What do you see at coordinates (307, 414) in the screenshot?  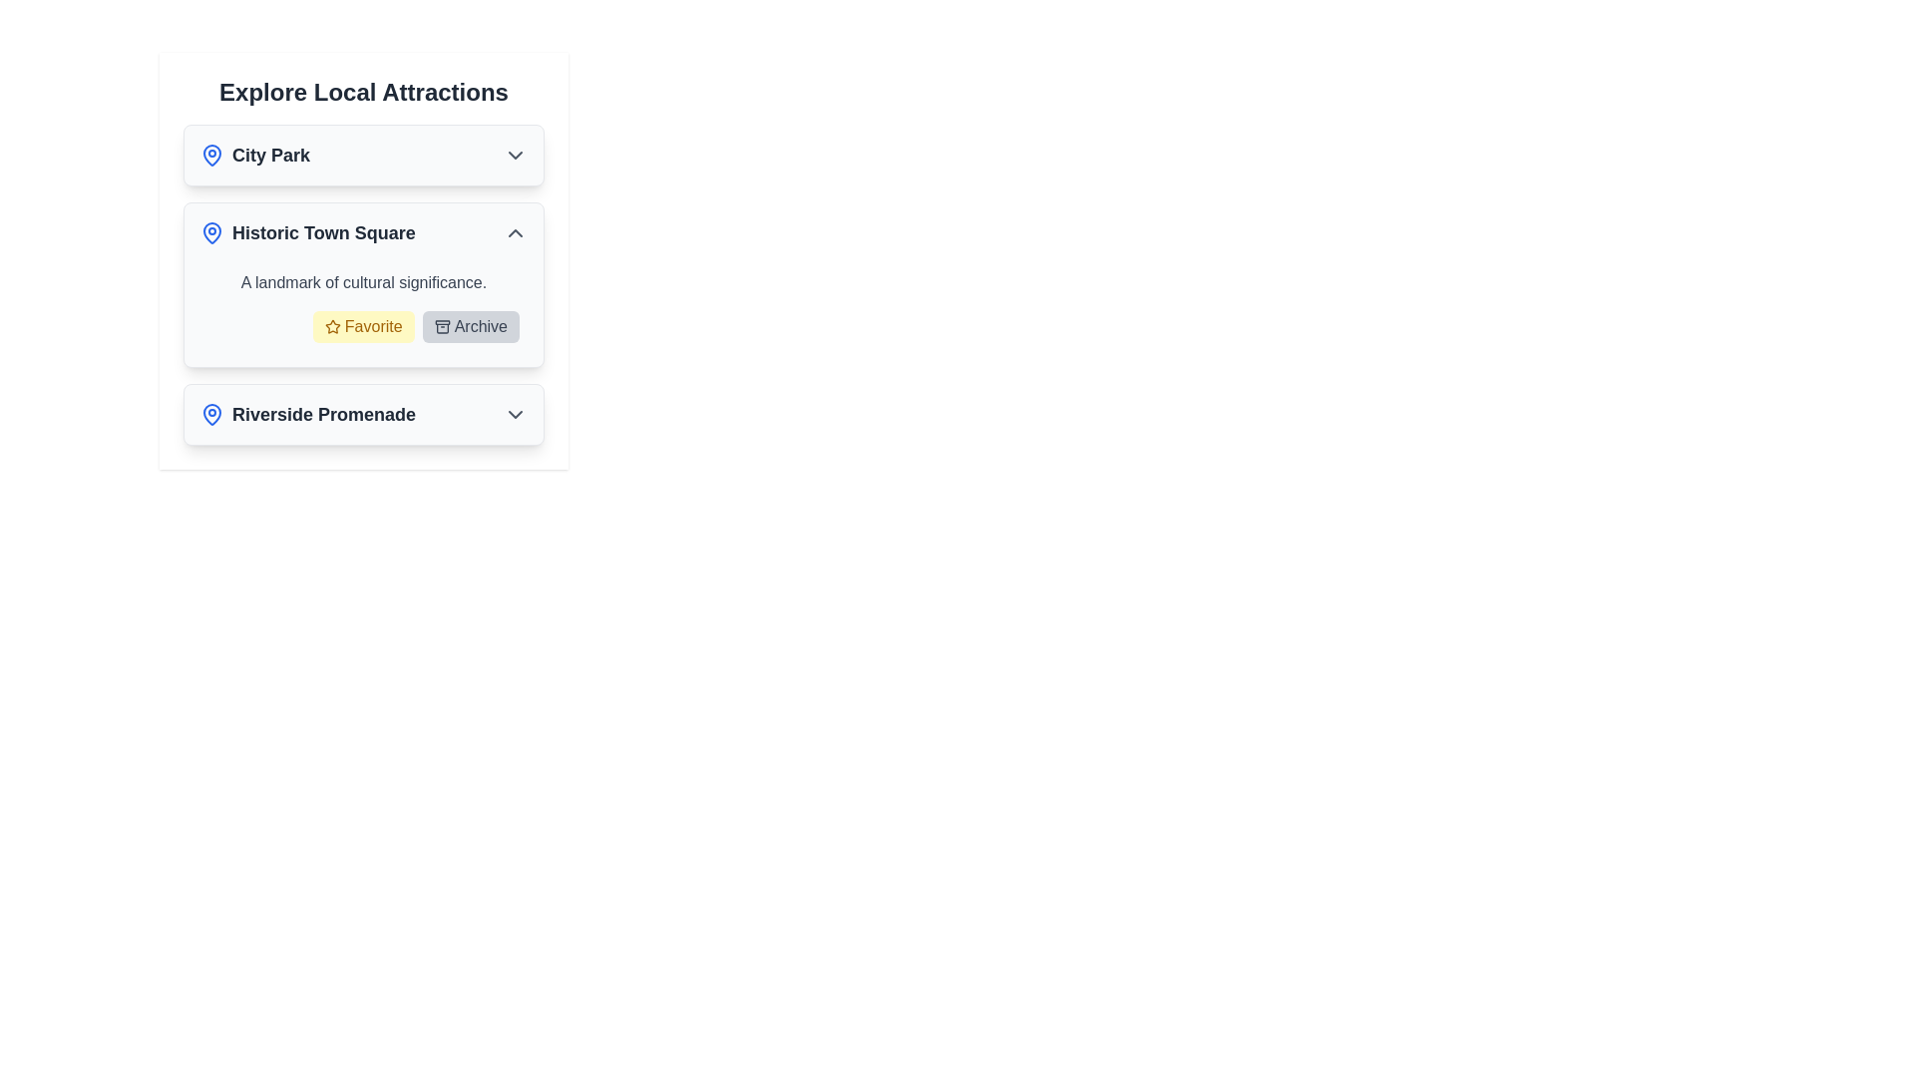 I see `the informational label 'Riverside Promenade' in the vertical list of the 'Explore Local Attractions' card` at bounding box center [307, 414].